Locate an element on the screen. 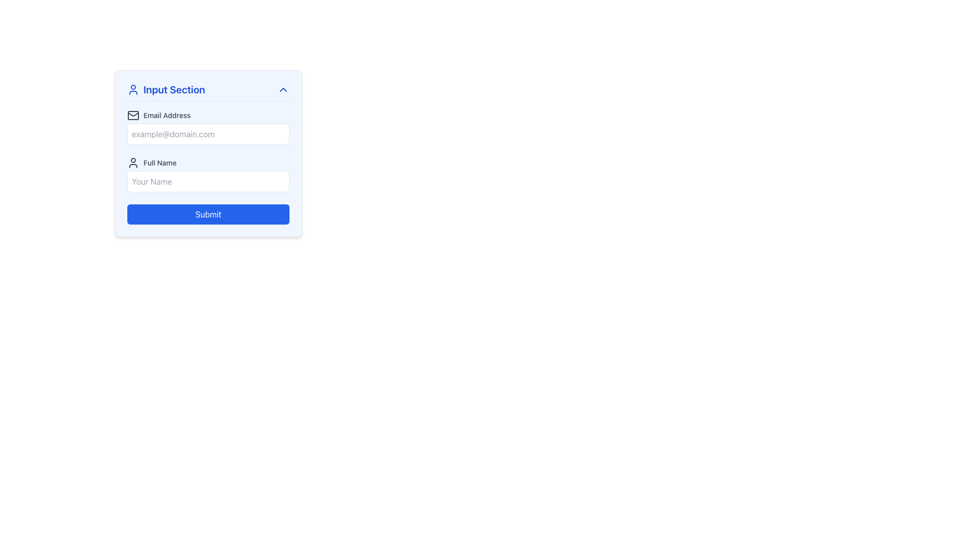  the email input field labeled 'Email Address' is located at coordinates (208, 126).